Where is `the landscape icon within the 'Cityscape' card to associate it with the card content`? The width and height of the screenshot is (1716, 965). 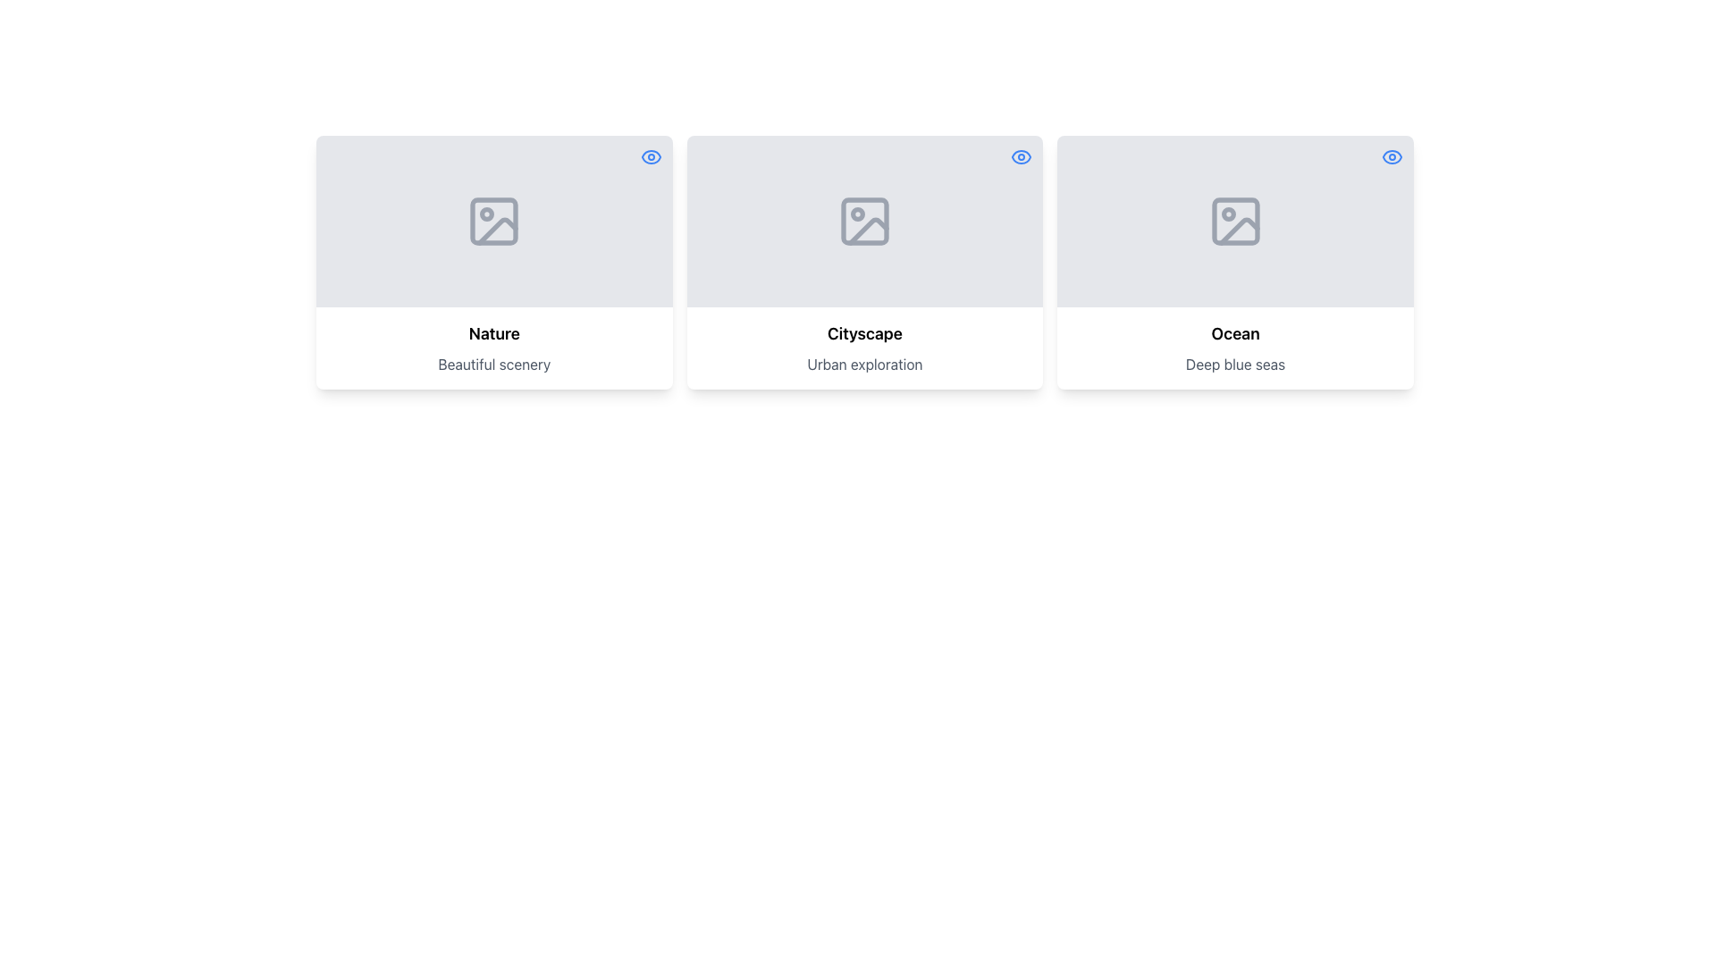
the landscape icon within the 'Cityscape' card to associate it with the card content is located at coordinates (865, 220).